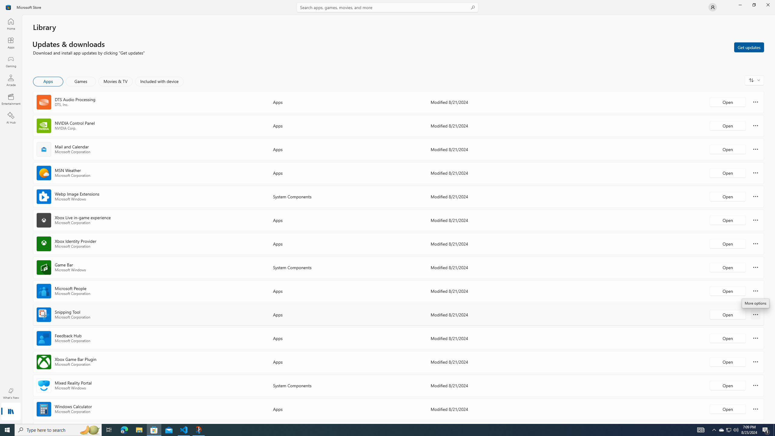 The image size is (775, 436). Describe the element at coordinates (10, 393) in the screenshot. I see `'What'` at that location.